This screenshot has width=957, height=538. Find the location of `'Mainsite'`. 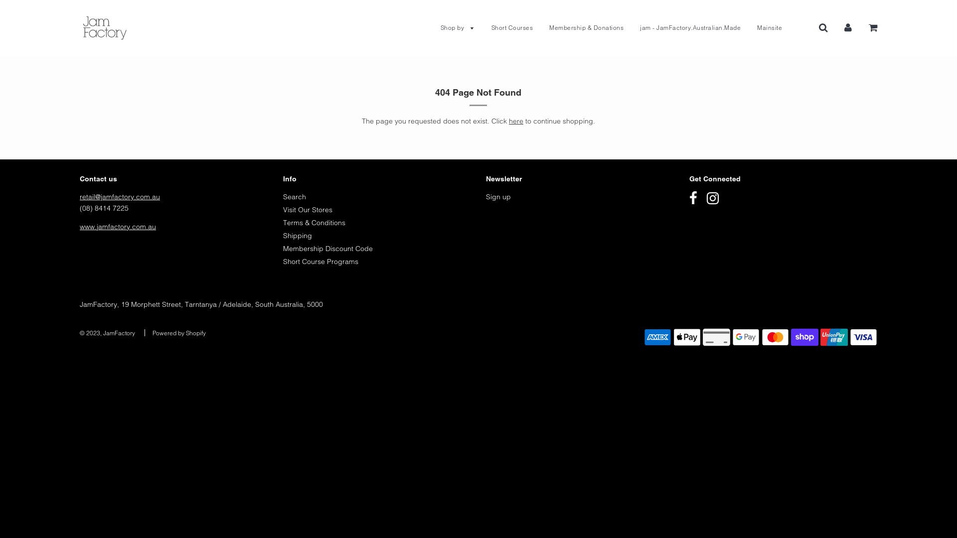

'Mainsite' is located at coordinates (749, 27).